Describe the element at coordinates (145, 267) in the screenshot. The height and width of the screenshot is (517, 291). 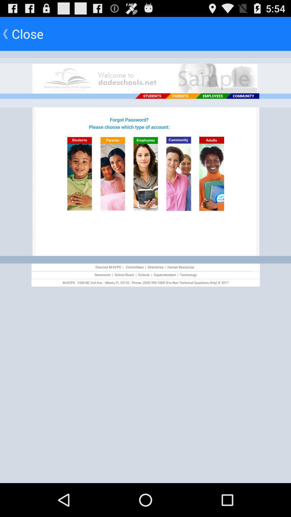
I see `web page` at that location.